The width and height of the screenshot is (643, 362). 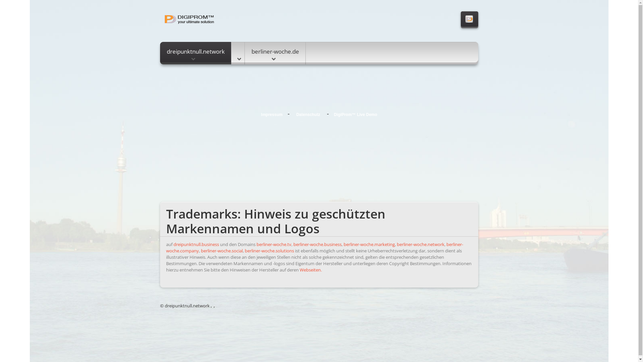 What do you see at coordinates (317, 244) in the screenshot?
I see `'berliner-woche.business'` at bounding box center [317, 244].